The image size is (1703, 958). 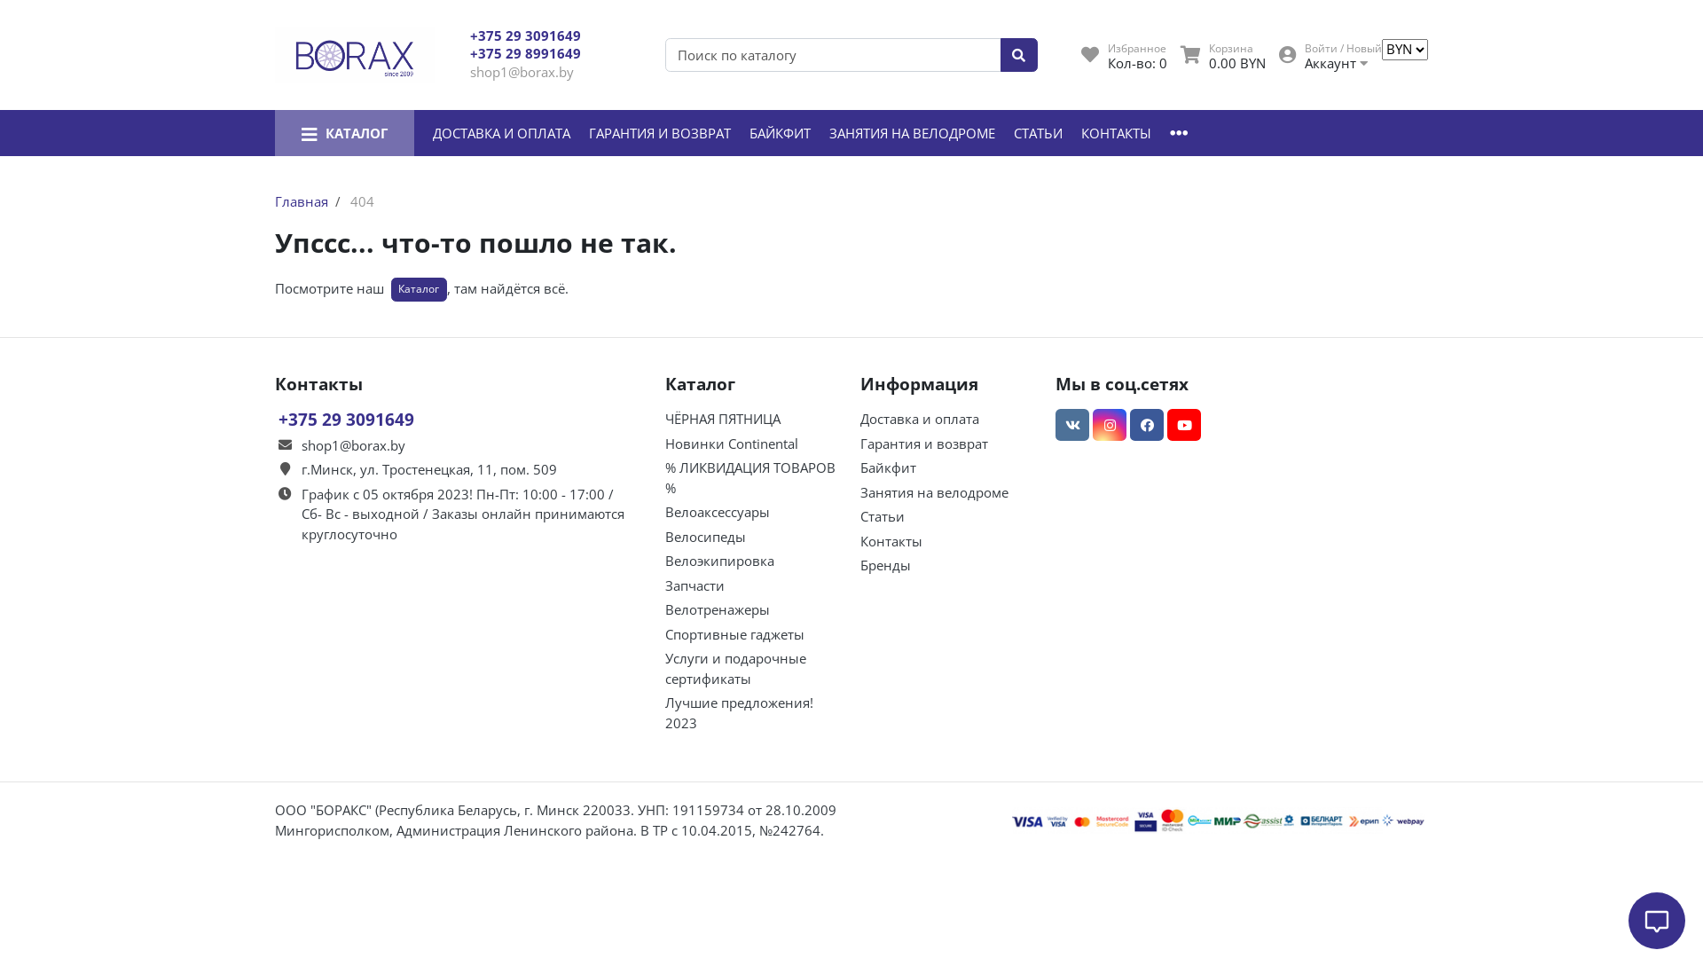 I want to click on '404', so click(x=361, y=200).